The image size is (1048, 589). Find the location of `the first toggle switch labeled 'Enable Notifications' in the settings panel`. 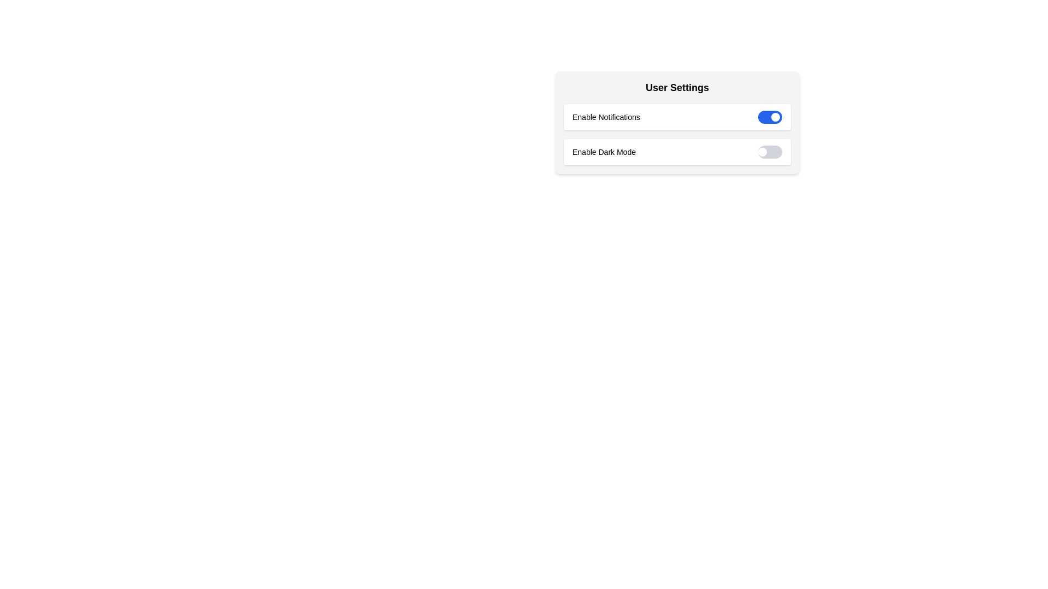

the first toggle switch labeled 'Enable Notifications' in the settings panel is located at coordinates (677, 122).